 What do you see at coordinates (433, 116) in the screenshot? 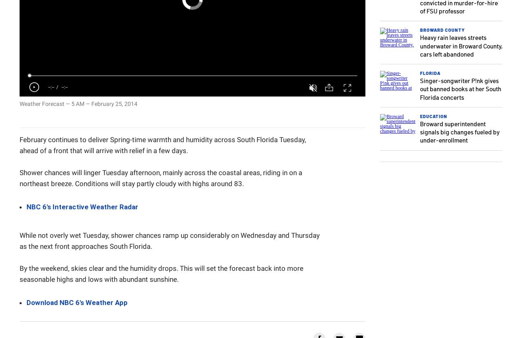
I see `'Education'` at bounding box center [433, 116].